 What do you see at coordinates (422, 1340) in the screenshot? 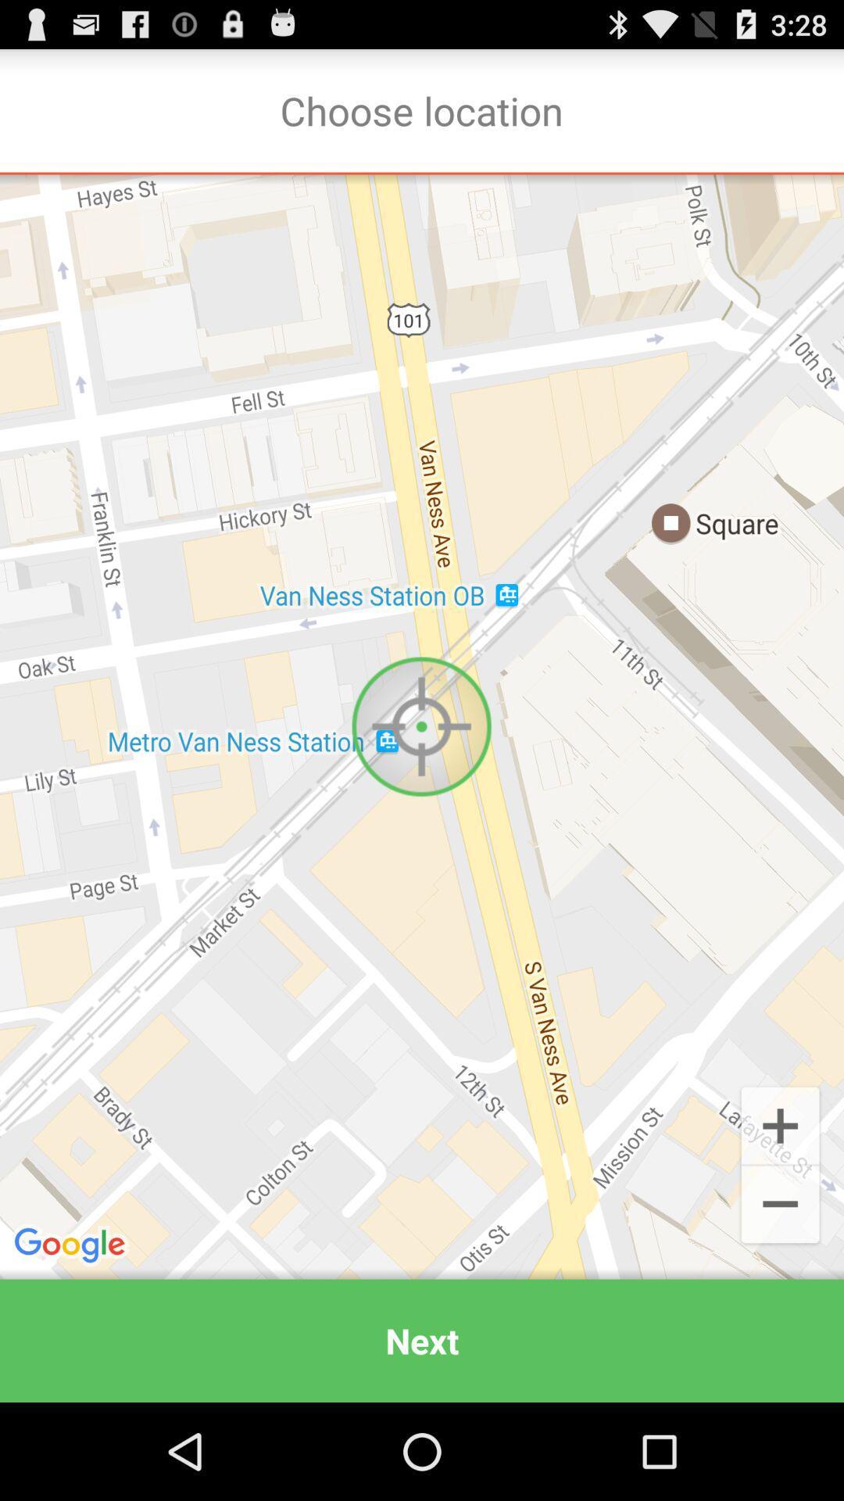
I see `next icon` at bounding box center [422, 1340].